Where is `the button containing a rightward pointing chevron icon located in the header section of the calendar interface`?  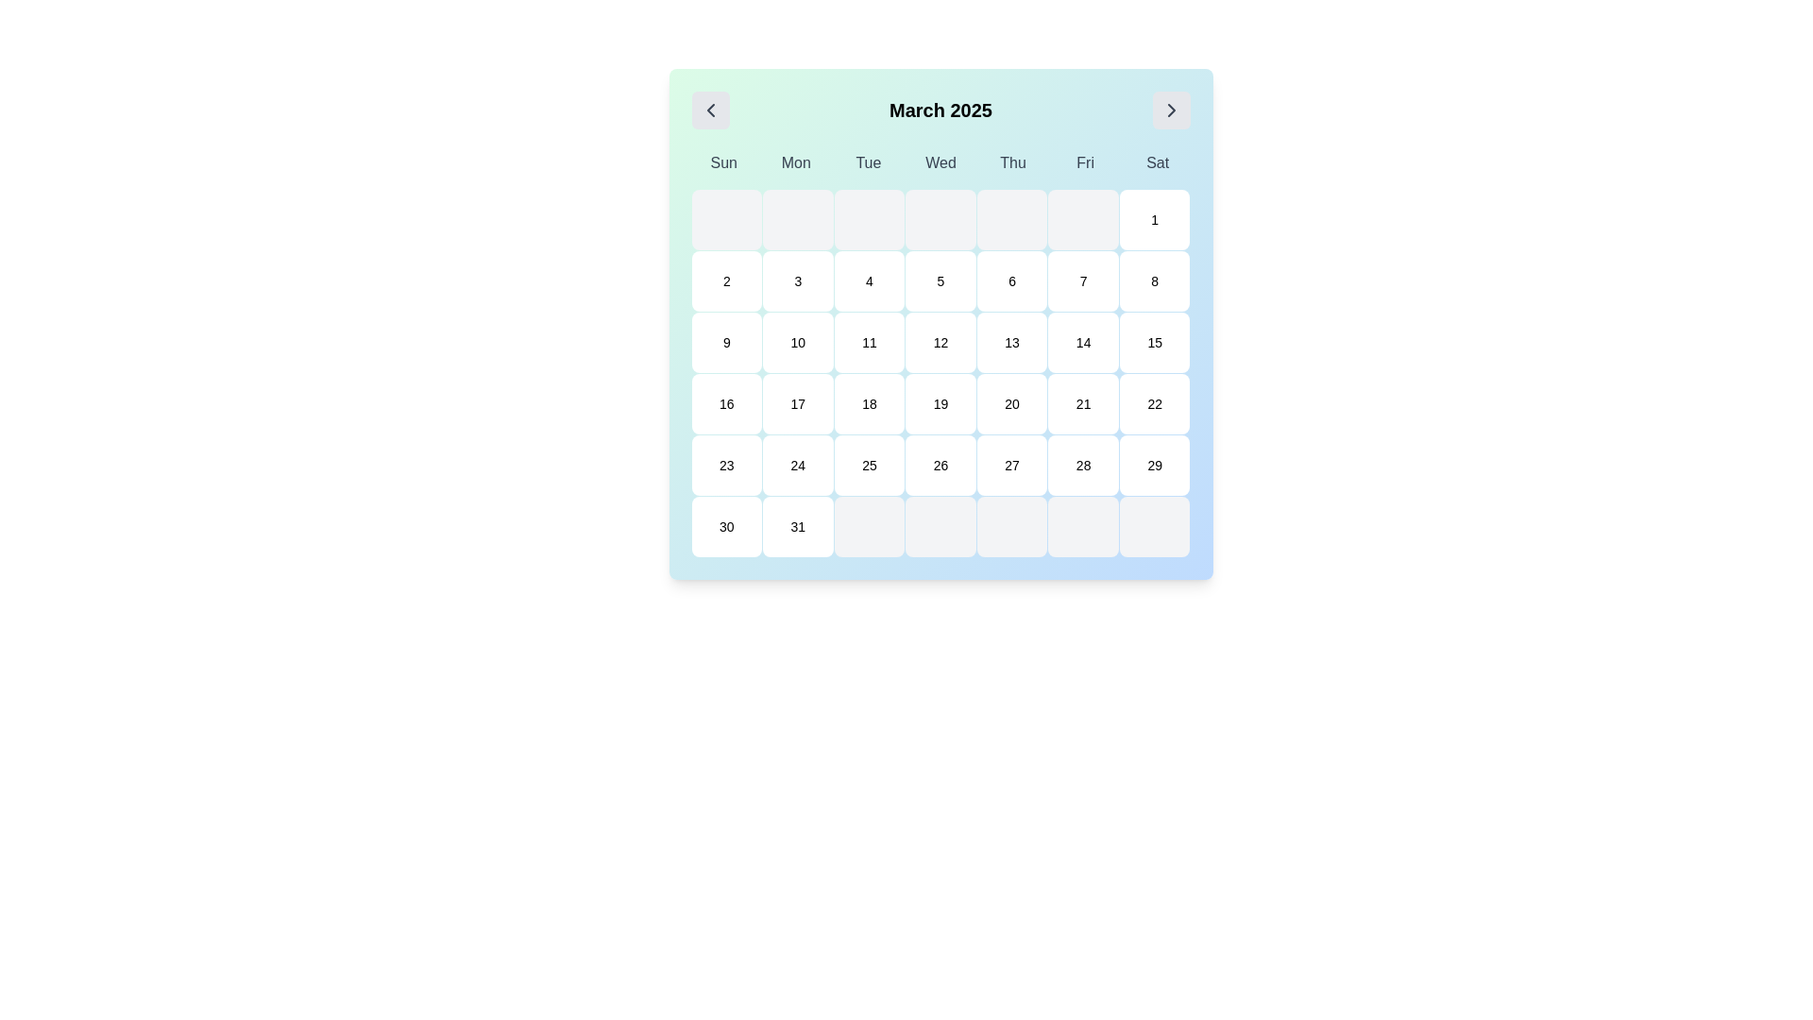 the button containing a rightward pointing chevron icon located in the header section of the calendar interface is located at coordinates (1170, 110).